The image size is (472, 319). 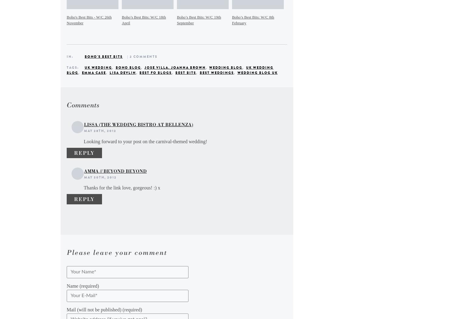 What do you see at coordinates (70, 56) in the screenshot?
I see `'IN:'` at bounding box center [70, 56].